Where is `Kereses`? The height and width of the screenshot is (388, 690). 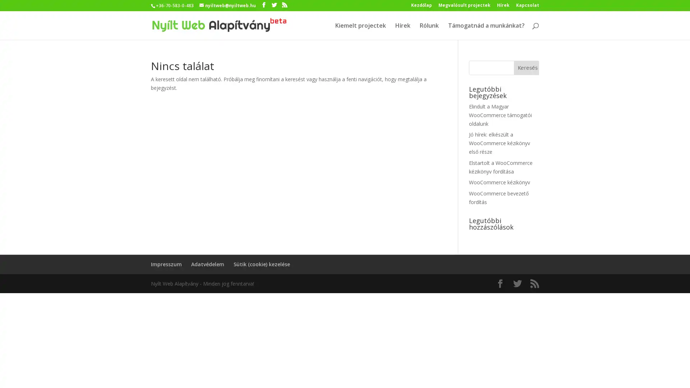 Kereses is located at coordinates (526, 68).